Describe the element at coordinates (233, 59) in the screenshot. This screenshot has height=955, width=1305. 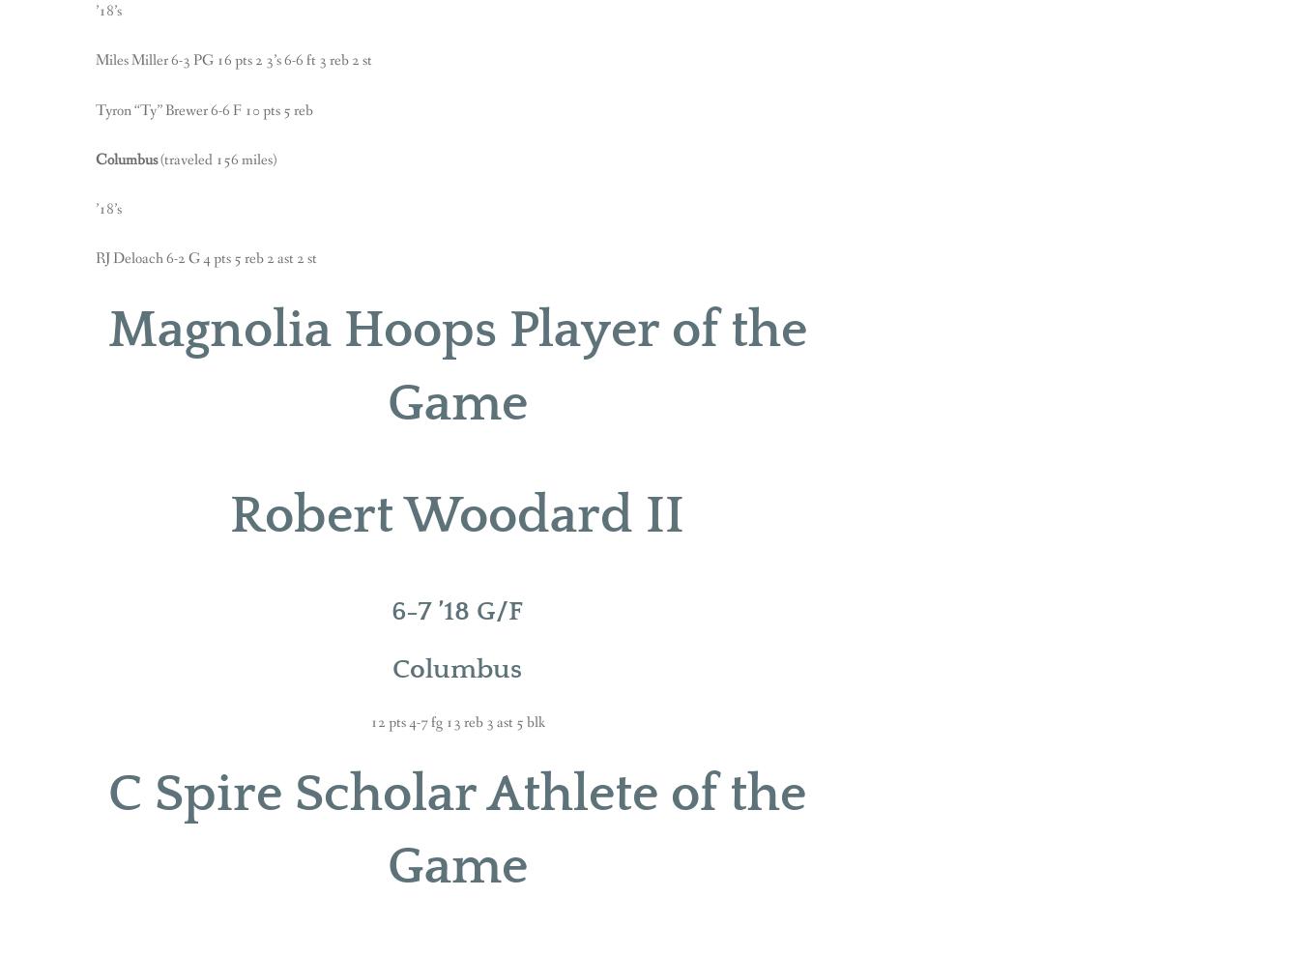
I see `'Miles Miller 6-3 PG 16 pts 2 3’s 6-6 ft 3 reb 2 st'` at that location.